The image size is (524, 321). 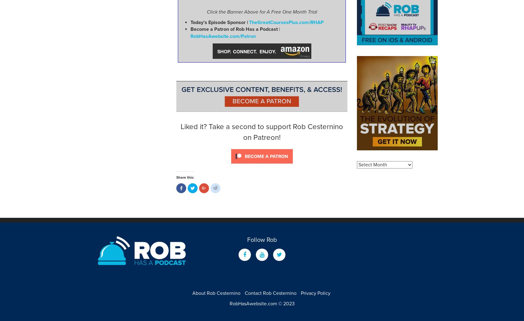 What do you see at coordinates (285, 304) in the screenshot?
I see `'© 2023'` at bounding box center [285, 304].